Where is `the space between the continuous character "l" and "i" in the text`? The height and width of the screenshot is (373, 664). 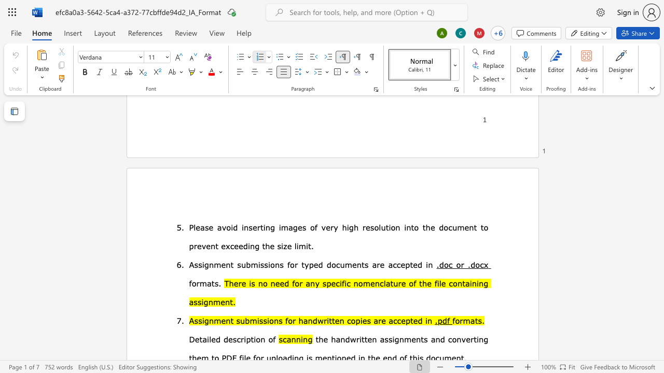
the space between the continuous character "l" and "i" in the text is located at coordinates (296, 246).